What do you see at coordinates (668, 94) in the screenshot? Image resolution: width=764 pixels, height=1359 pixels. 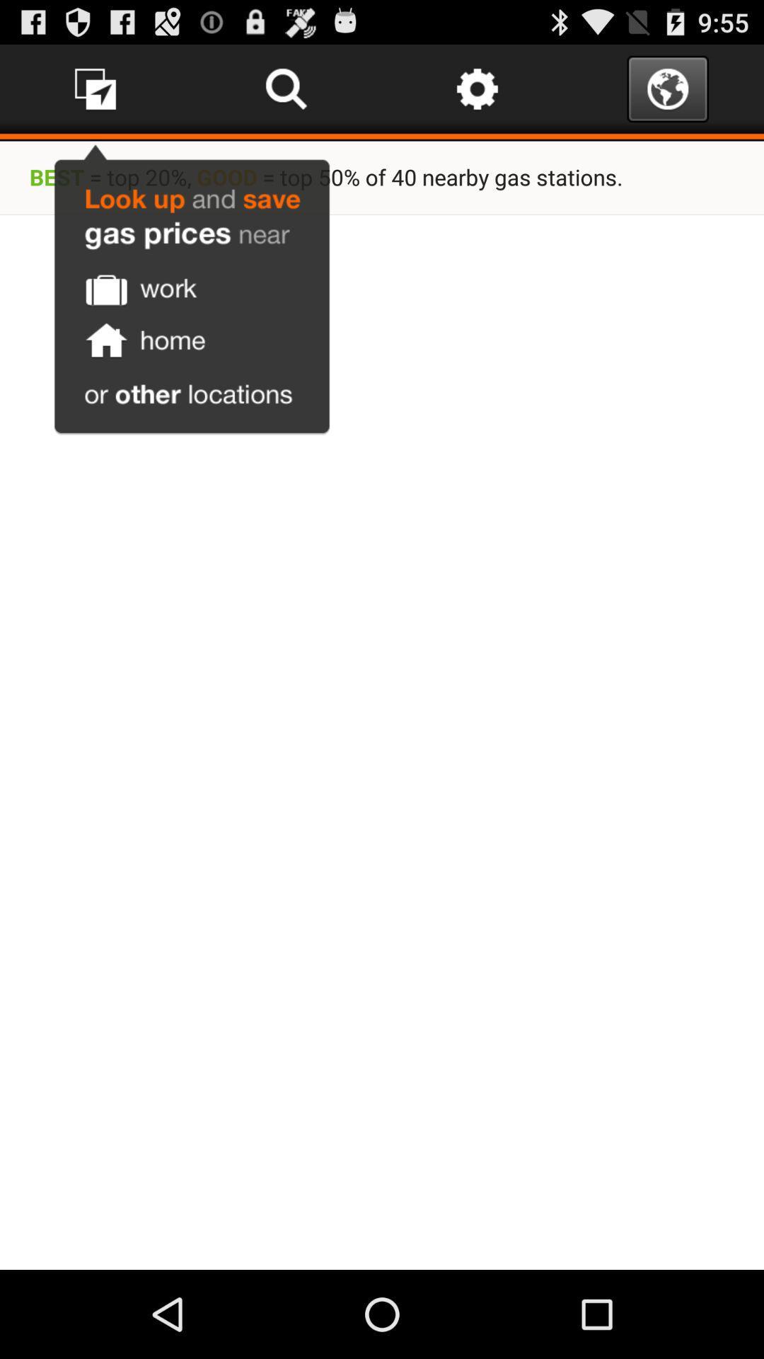 I see `the globe icon` at bounding box center [668, 94].